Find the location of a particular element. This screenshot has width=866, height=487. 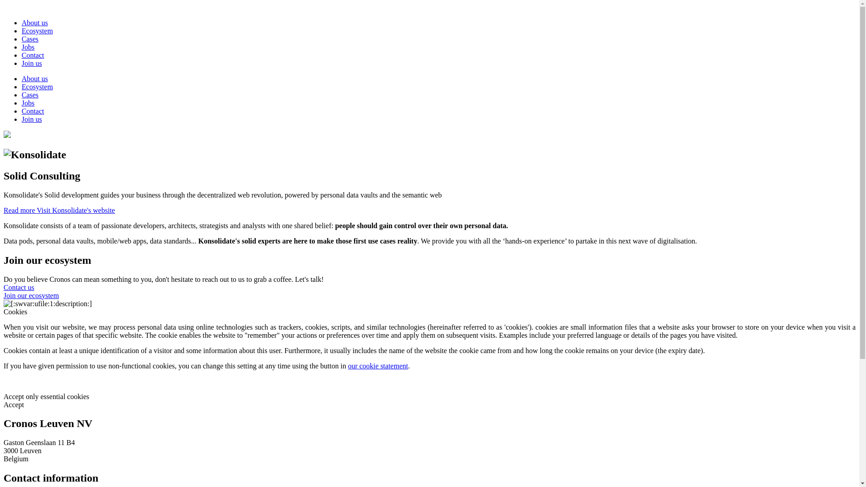

'Ecosystem' is located at coordinates (37, 87).